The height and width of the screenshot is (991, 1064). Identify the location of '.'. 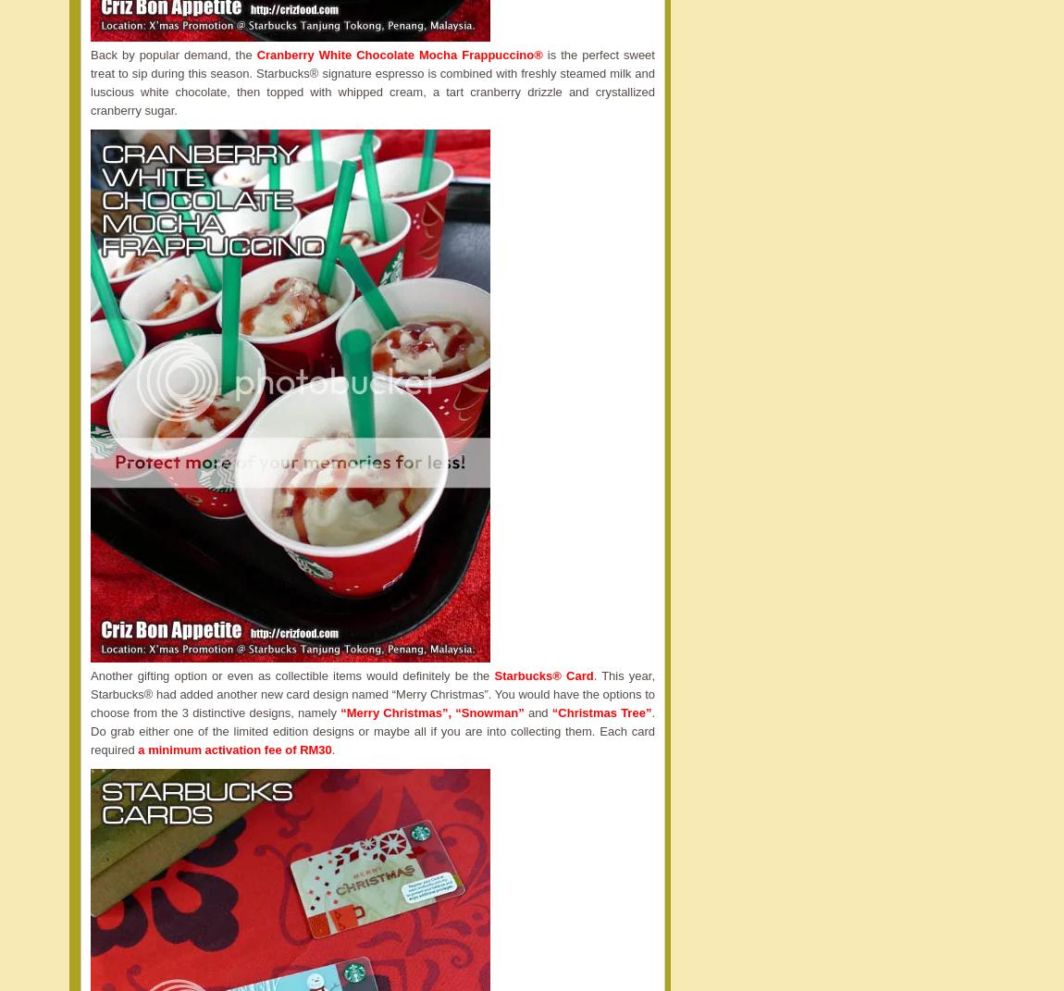
(332, 749).